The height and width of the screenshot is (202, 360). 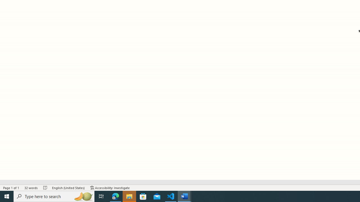 I want to click on 'Word Count 32 words', so click(x=31, y=188).